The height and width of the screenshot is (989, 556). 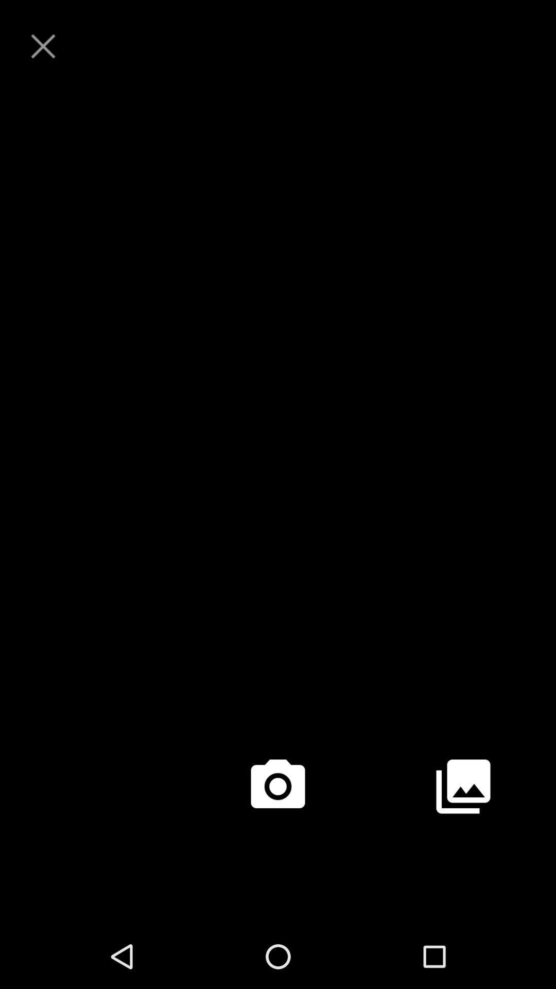 I want to click on camera, so click(x=278, y=786).